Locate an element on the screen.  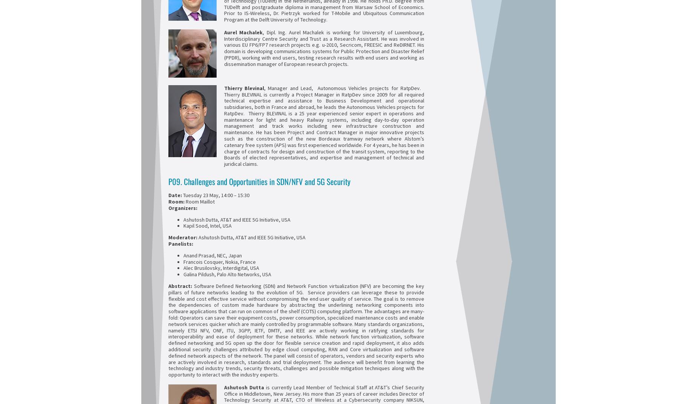
'Panelists:' is located at coordinates (181, 243).